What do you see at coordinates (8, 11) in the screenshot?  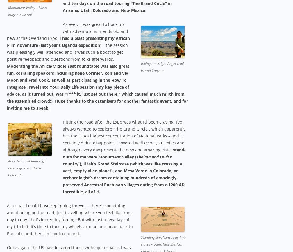 I see `'Monument Valley – like a huge movie set!'` at bounding box center [8, 11].